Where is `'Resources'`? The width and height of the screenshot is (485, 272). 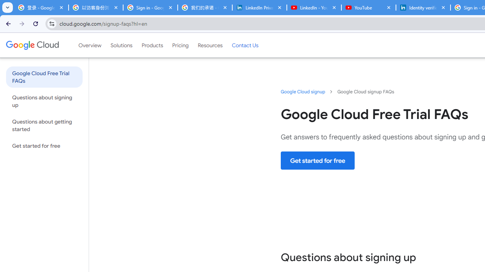
'Resources' is located at coordinates (210, 45).